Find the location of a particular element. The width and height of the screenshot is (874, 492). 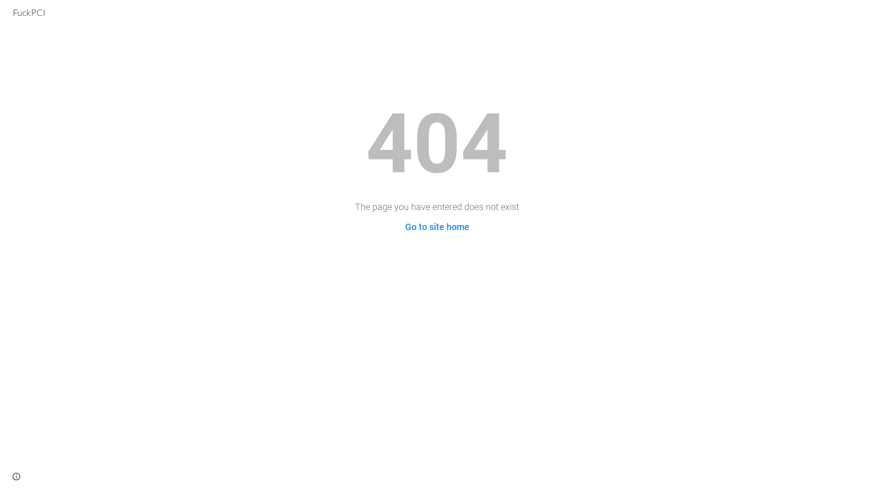

'Go to site home' is located at coordinates (437, 226).